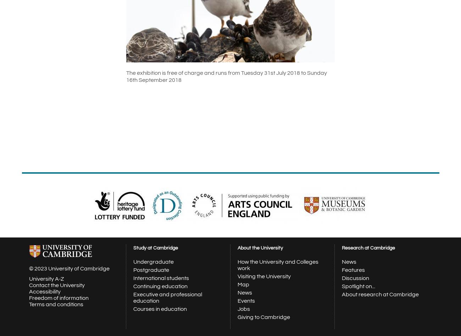 Image resolution: width=461 pixels, height=336 pixels. I want to click on 'How the University
              and Colleges work', so click(278, 265).